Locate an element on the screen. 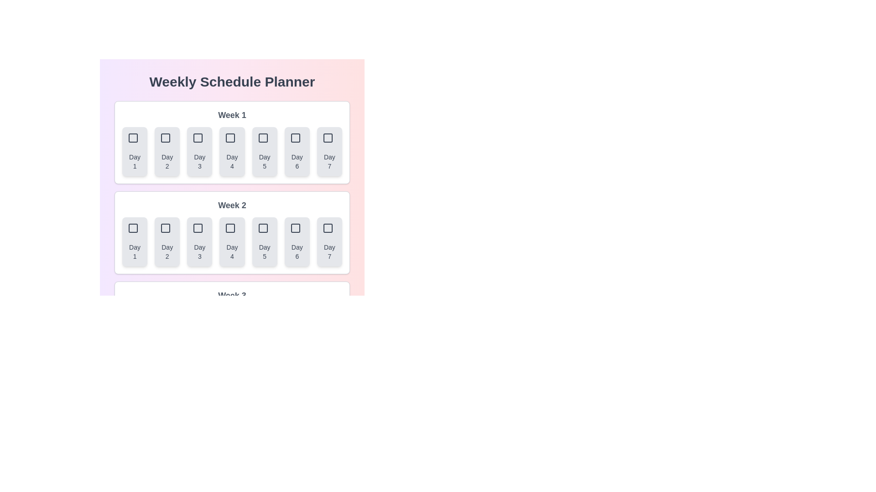 Image resolution: width=876 pixels, height=492 pixels. the button corresponding to Week 2 and Day 7 to select that day is located at coordinates (328, 241).